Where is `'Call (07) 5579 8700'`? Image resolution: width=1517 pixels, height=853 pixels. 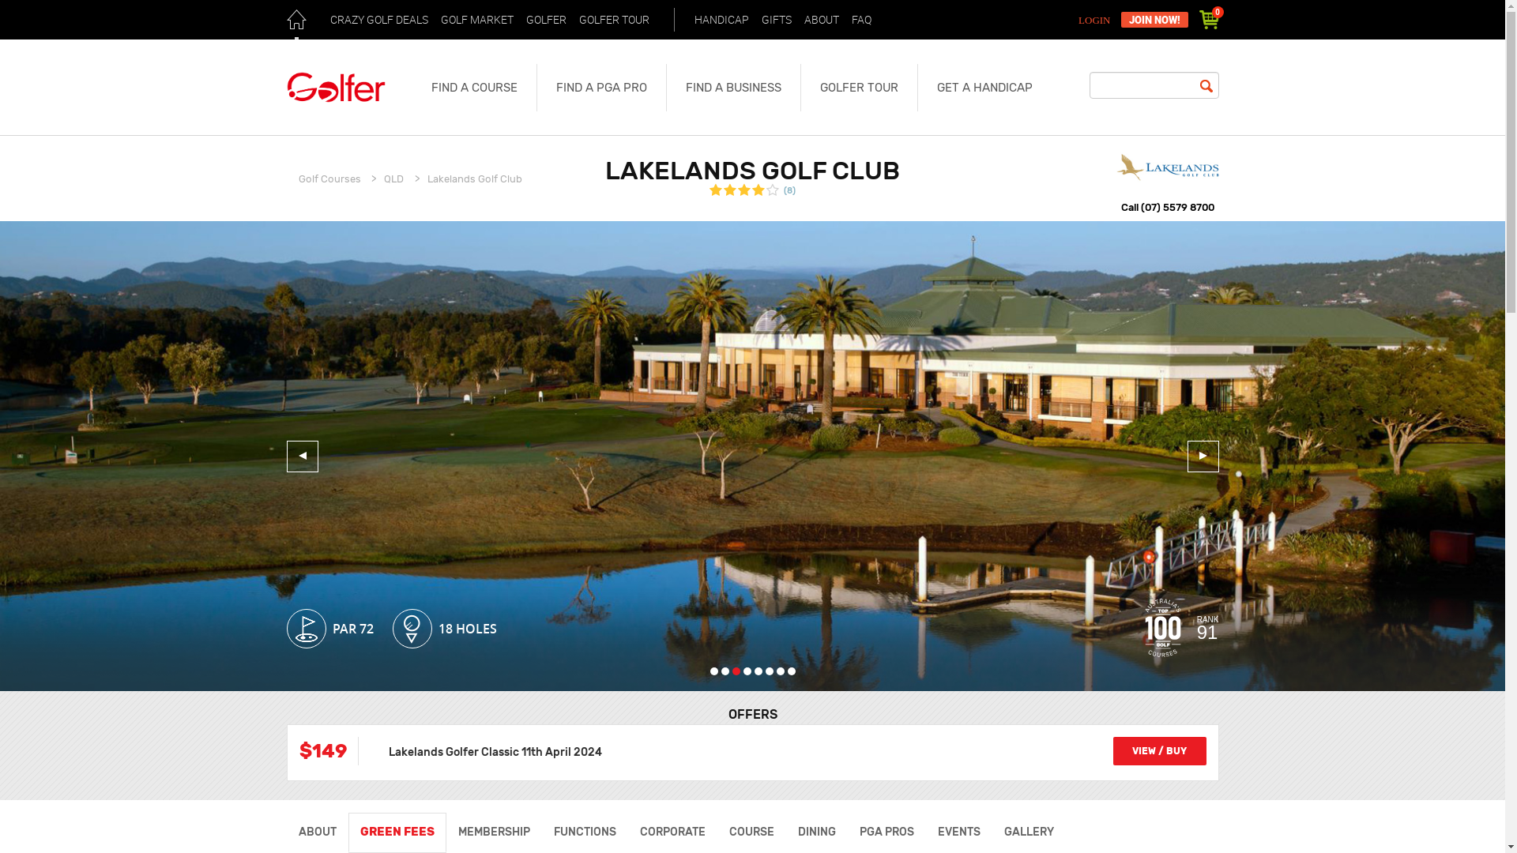 'Call (07) 5579 8700' is located at coordinates (1167, 207).